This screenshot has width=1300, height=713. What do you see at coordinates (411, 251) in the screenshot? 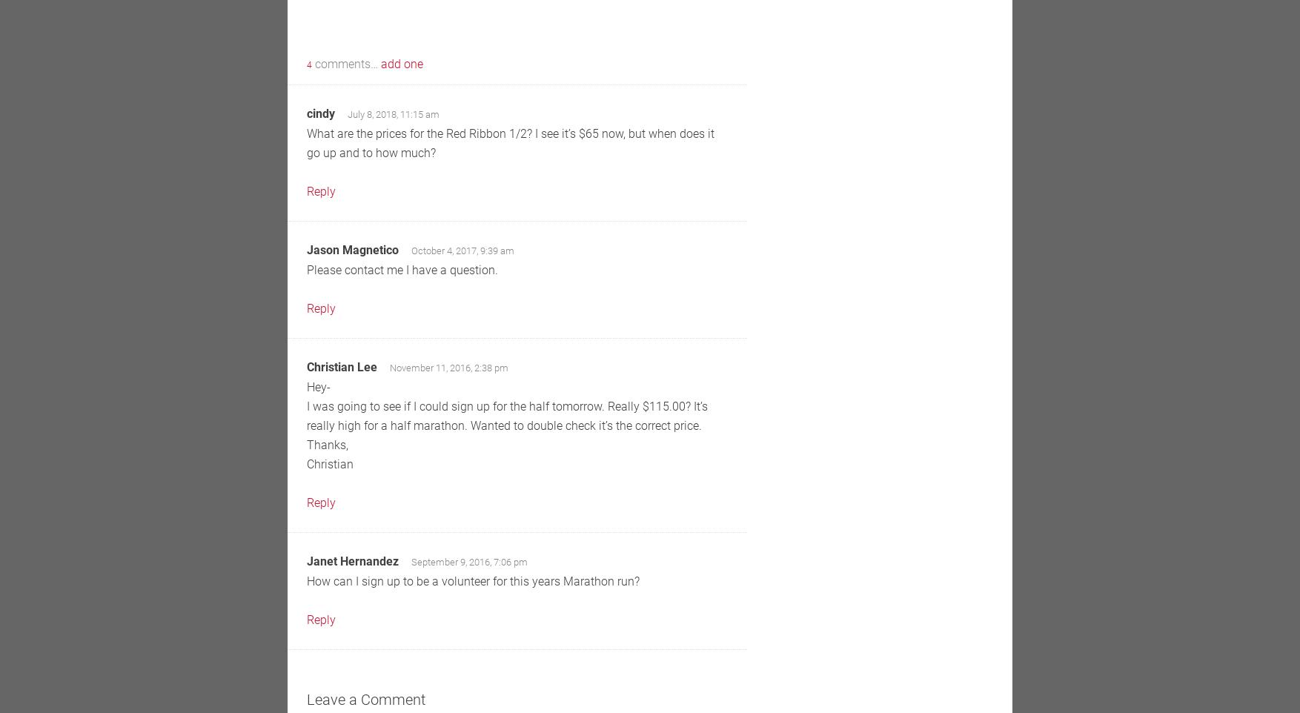
I see `'October 4, 2017, 9:39 am'` at bounding box center [411, 251].